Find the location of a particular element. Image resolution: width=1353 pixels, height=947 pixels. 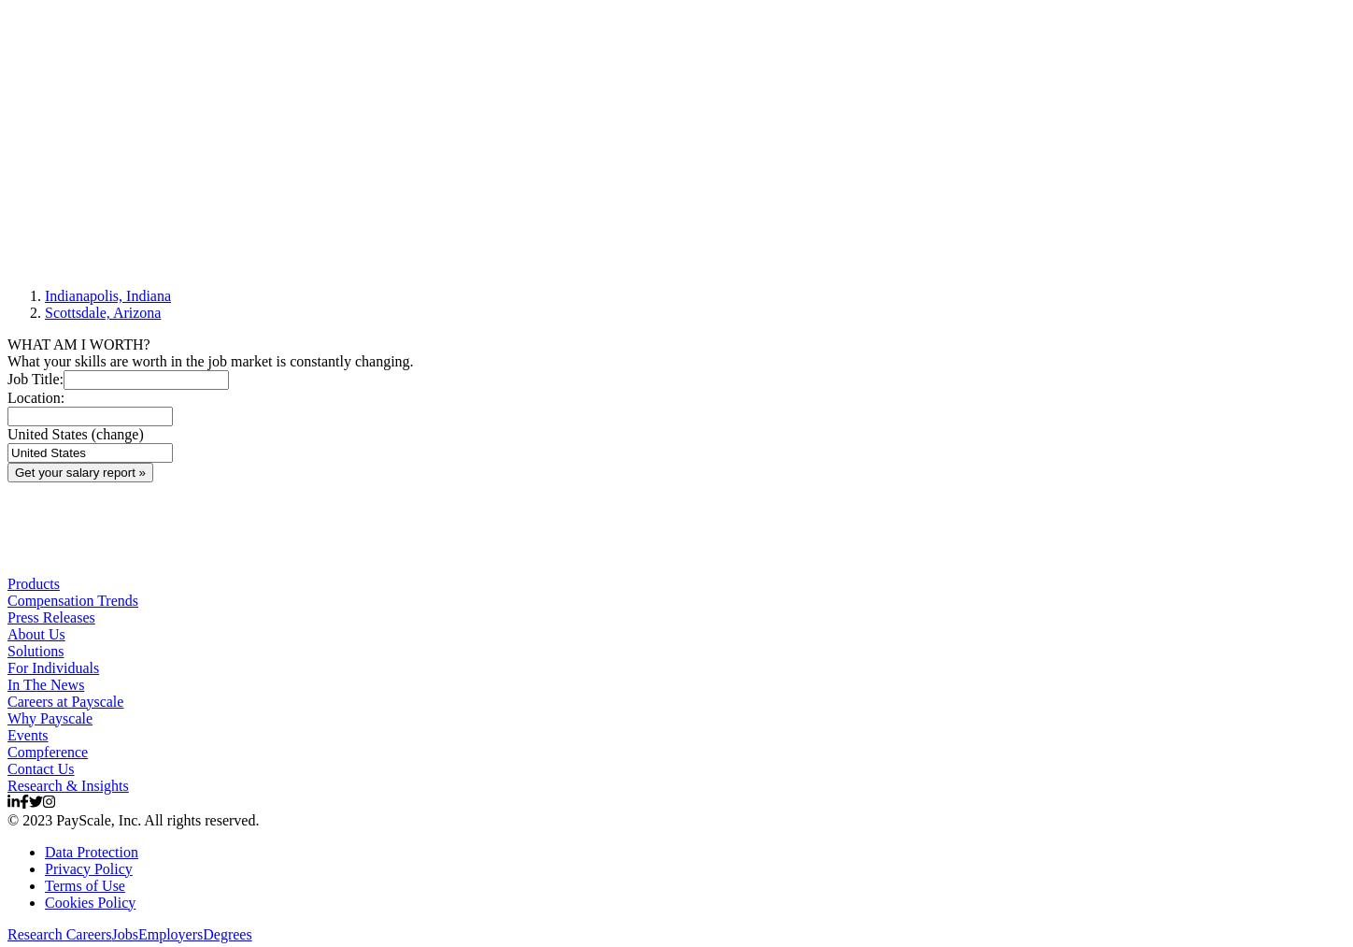

'Contact Us' is located at coordinates (40, 767).